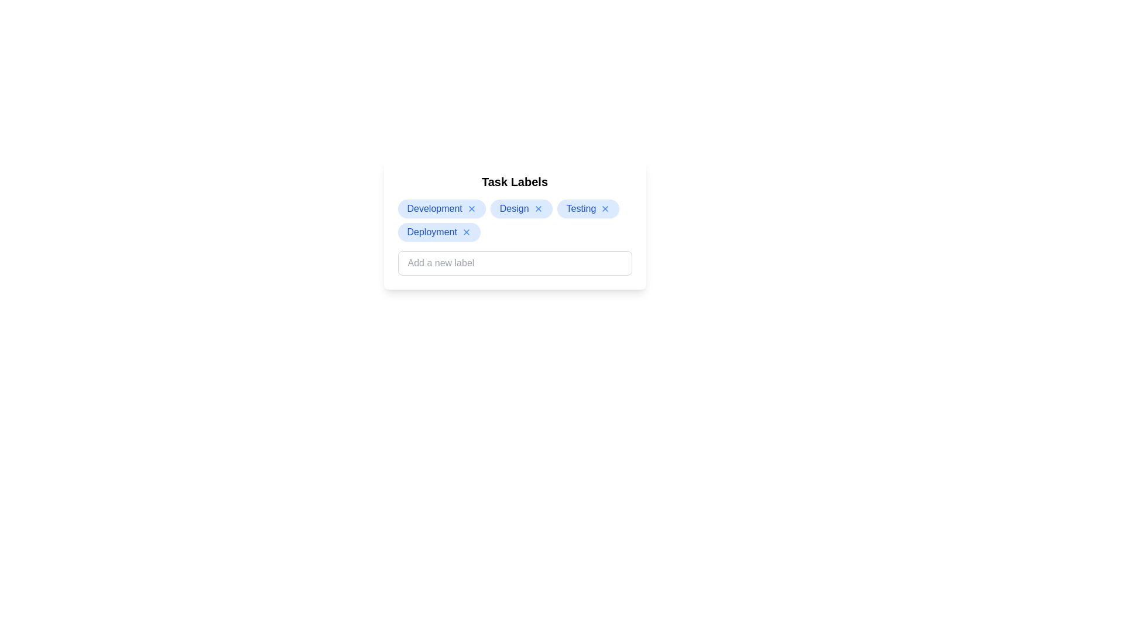 Image resolution: width=1124 pixels, height=632 pixels. I want to click on the removal button located at the rightmost part of the 'Testing' label chip, so click(605, 208).